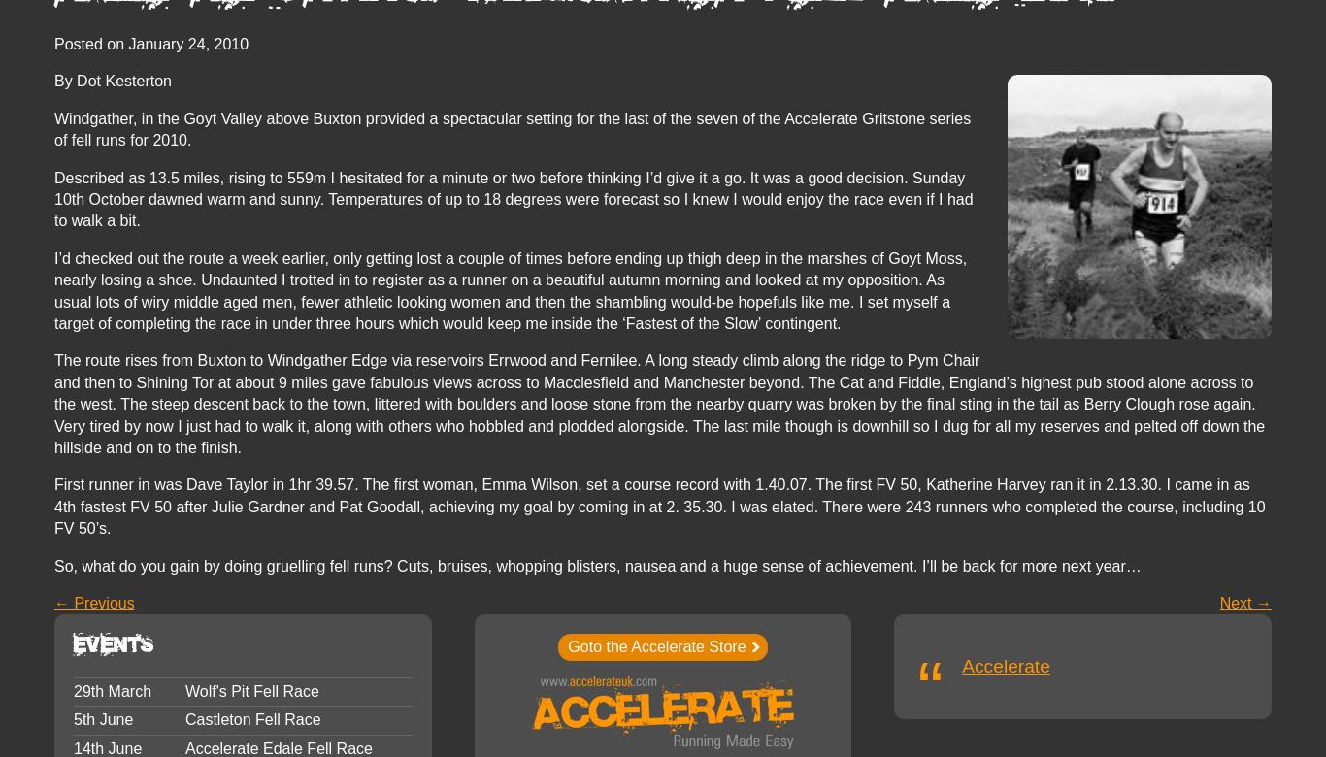  I want to click on 'Described as 13.5 miles, rising to 559m I hesitated for a minute or two before thinking I’d give it a go. It was a good decision. Sunday 10th October dawned warm and sunny. Temperatures of up to 18 degrees were forecast so I knew I would enjoy the race even if I had to walk a bit.', so click(54, 198).